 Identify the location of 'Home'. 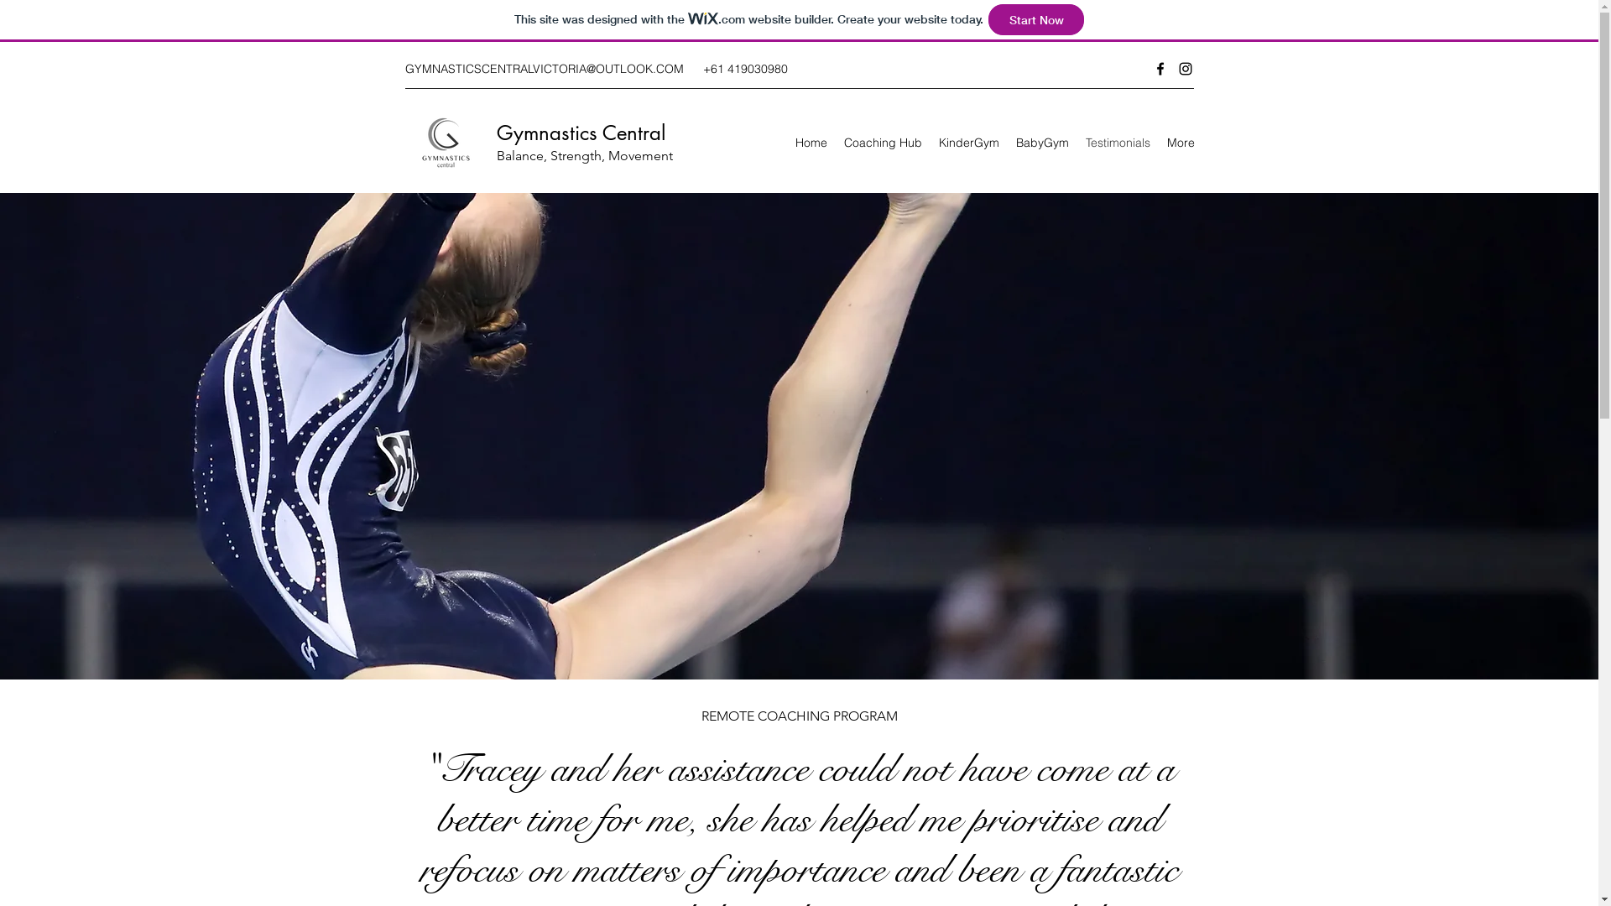
(785, 141).